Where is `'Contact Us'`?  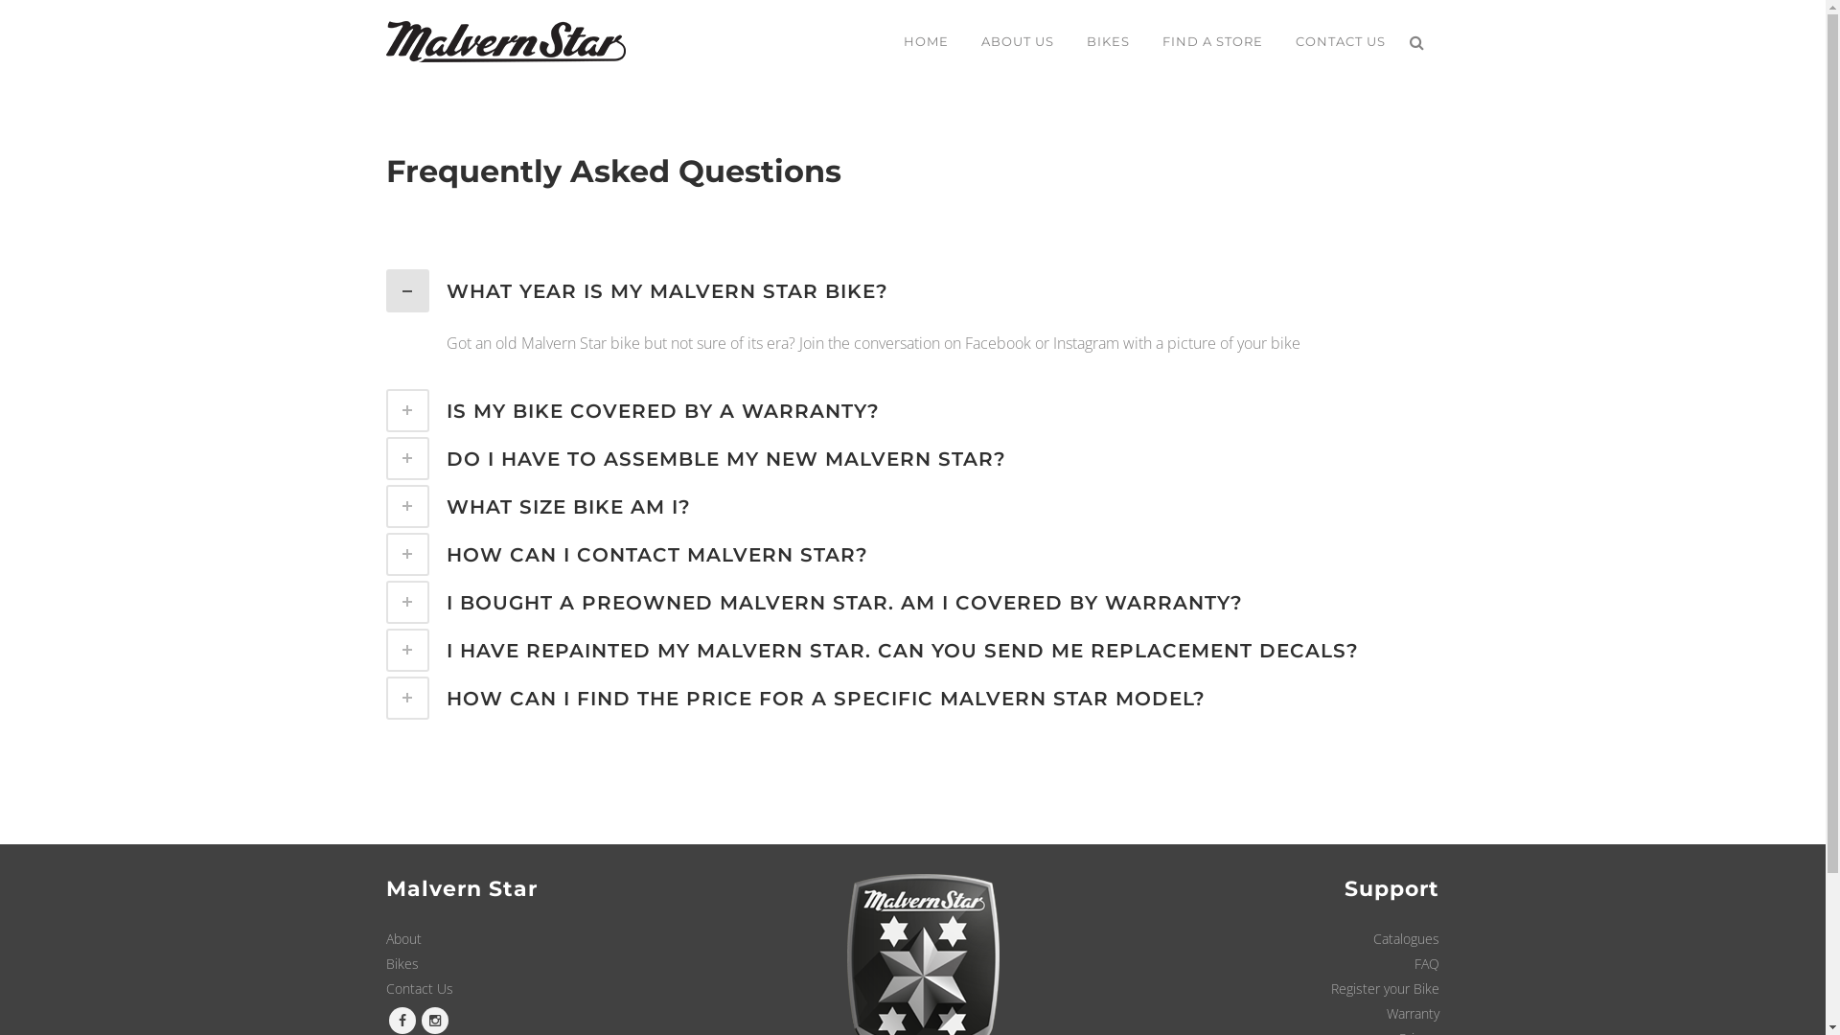
'Contact Us' is located at coordinates (384, 988).